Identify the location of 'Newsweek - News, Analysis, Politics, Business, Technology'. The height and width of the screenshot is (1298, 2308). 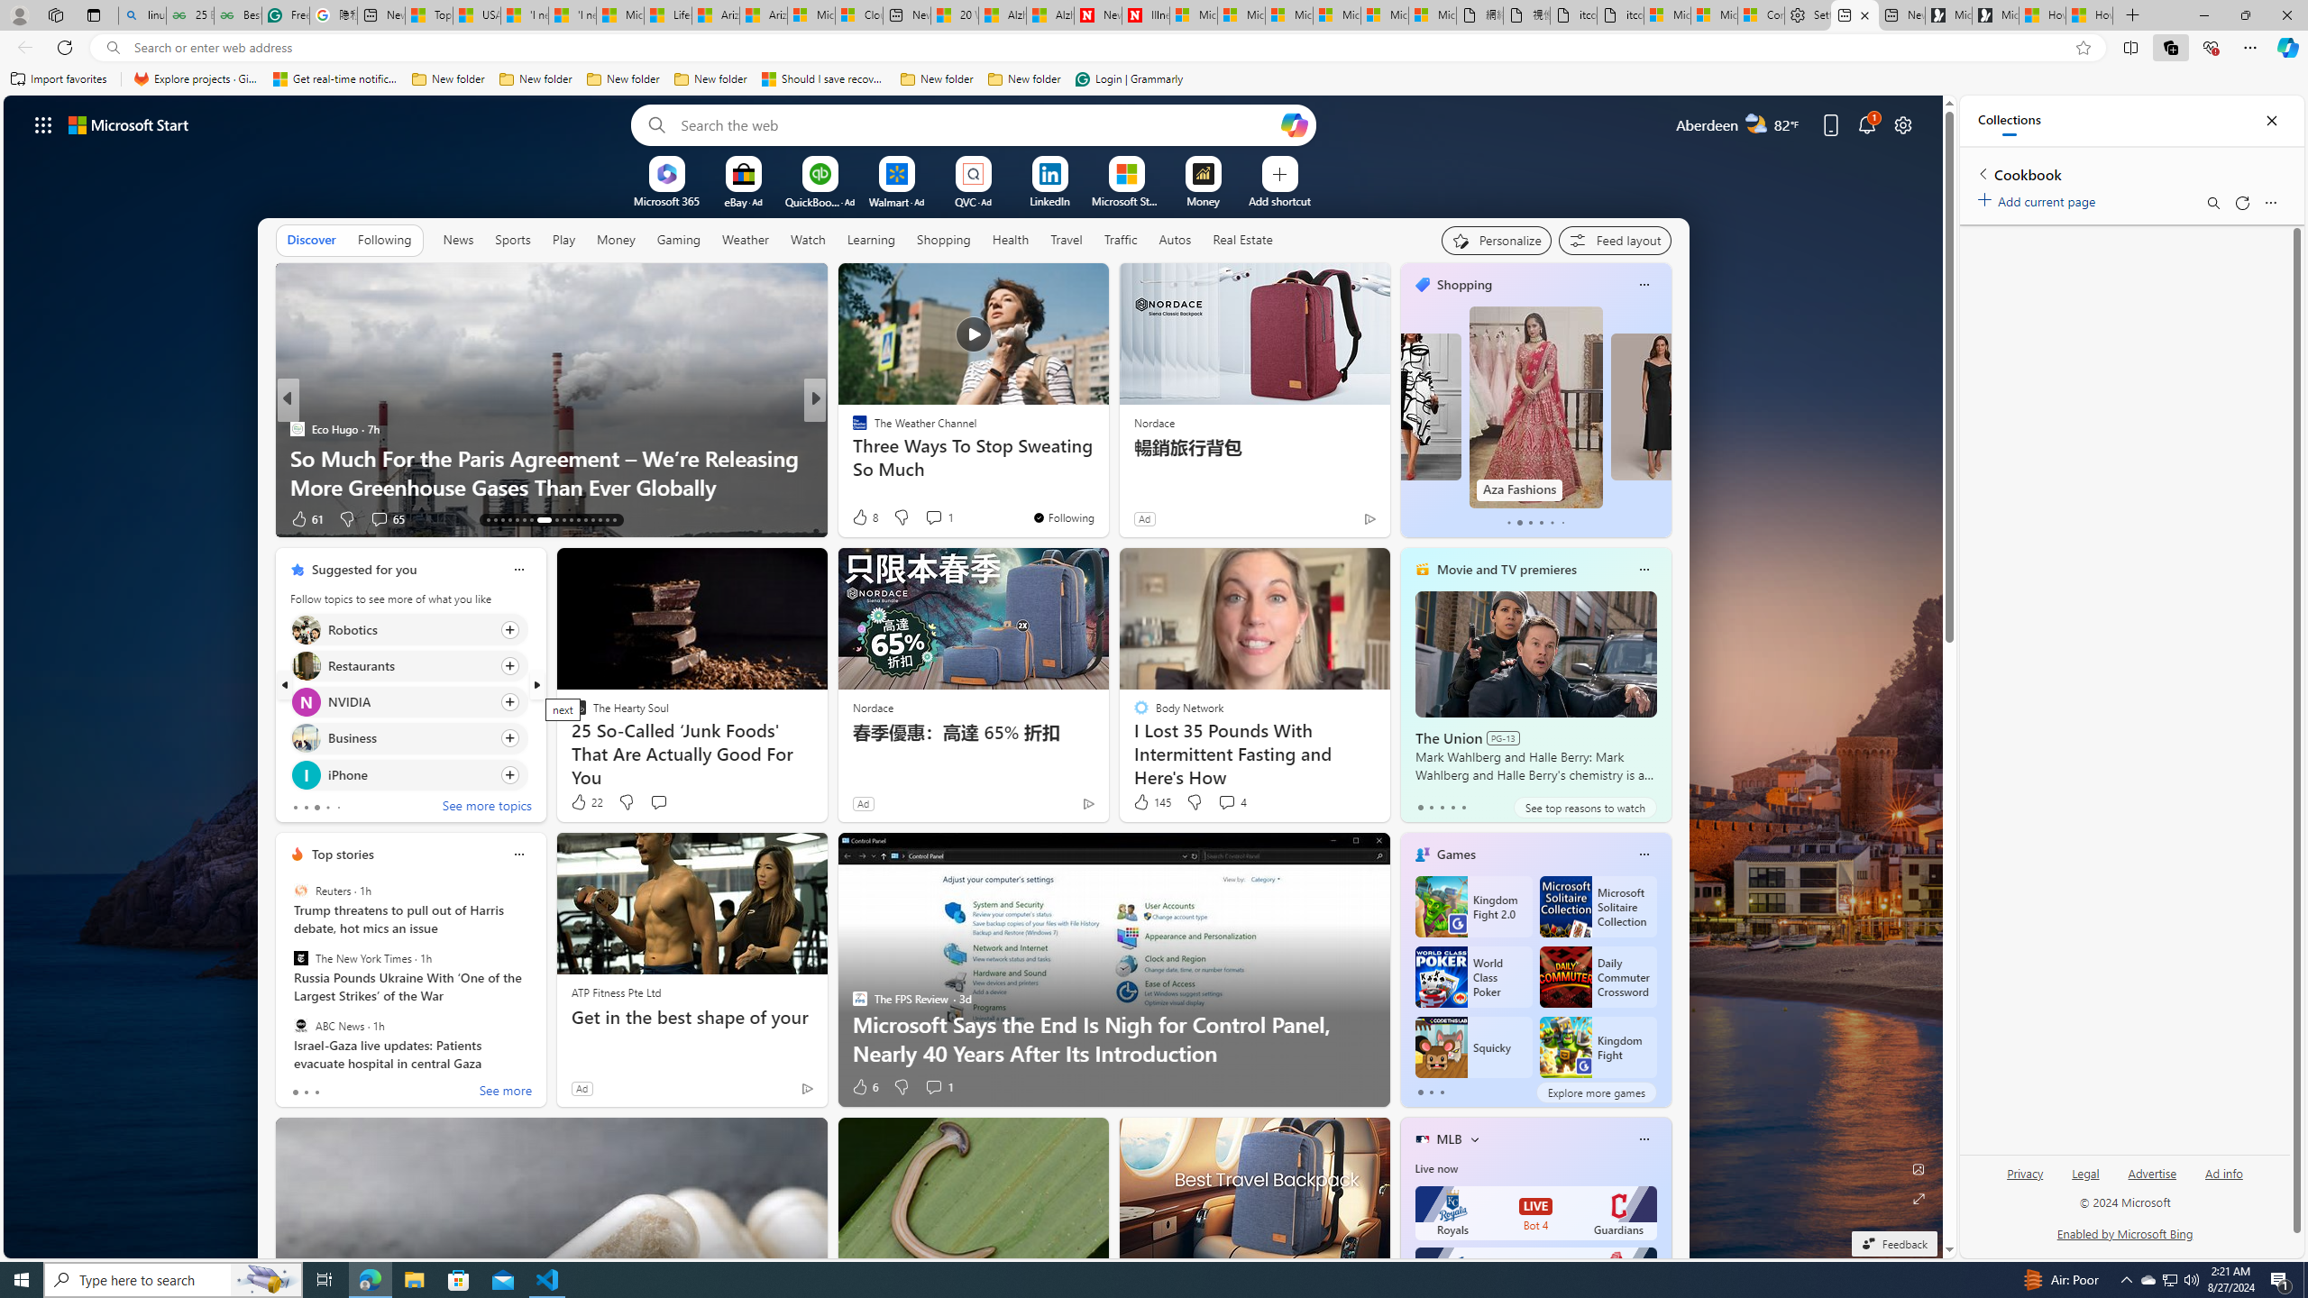
(1096, 14).